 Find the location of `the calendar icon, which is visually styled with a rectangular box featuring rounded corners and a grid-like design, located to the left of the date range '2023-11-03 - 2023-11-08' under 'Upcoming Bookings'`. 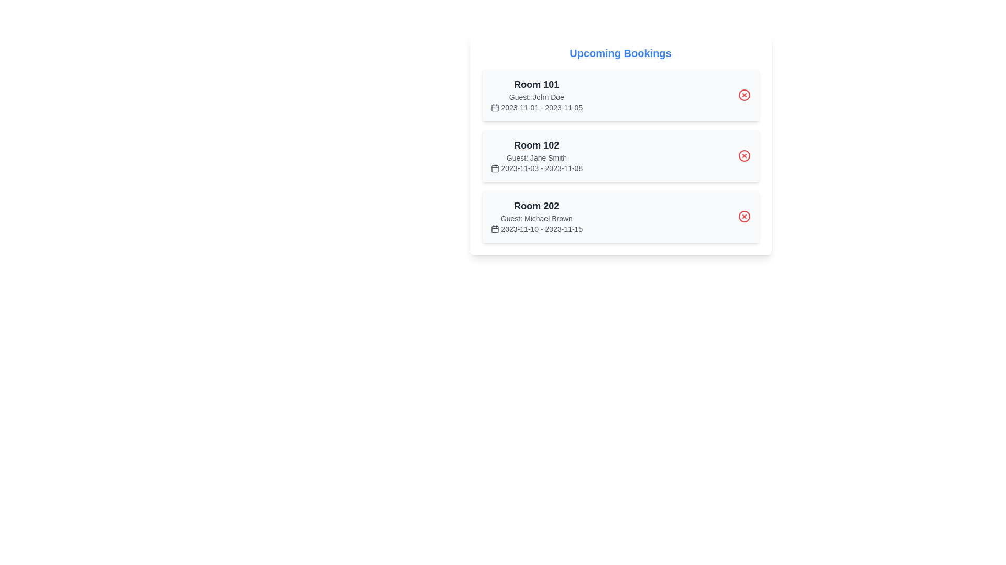

the calendar icon, which is visually styled with a rectangular box featuring rounded corners and a grid-like design, located to the left of the date range '2023-11-03 - 2023-11-08' under 'Upcoming Bookings' is located at coordinates (494, 167).